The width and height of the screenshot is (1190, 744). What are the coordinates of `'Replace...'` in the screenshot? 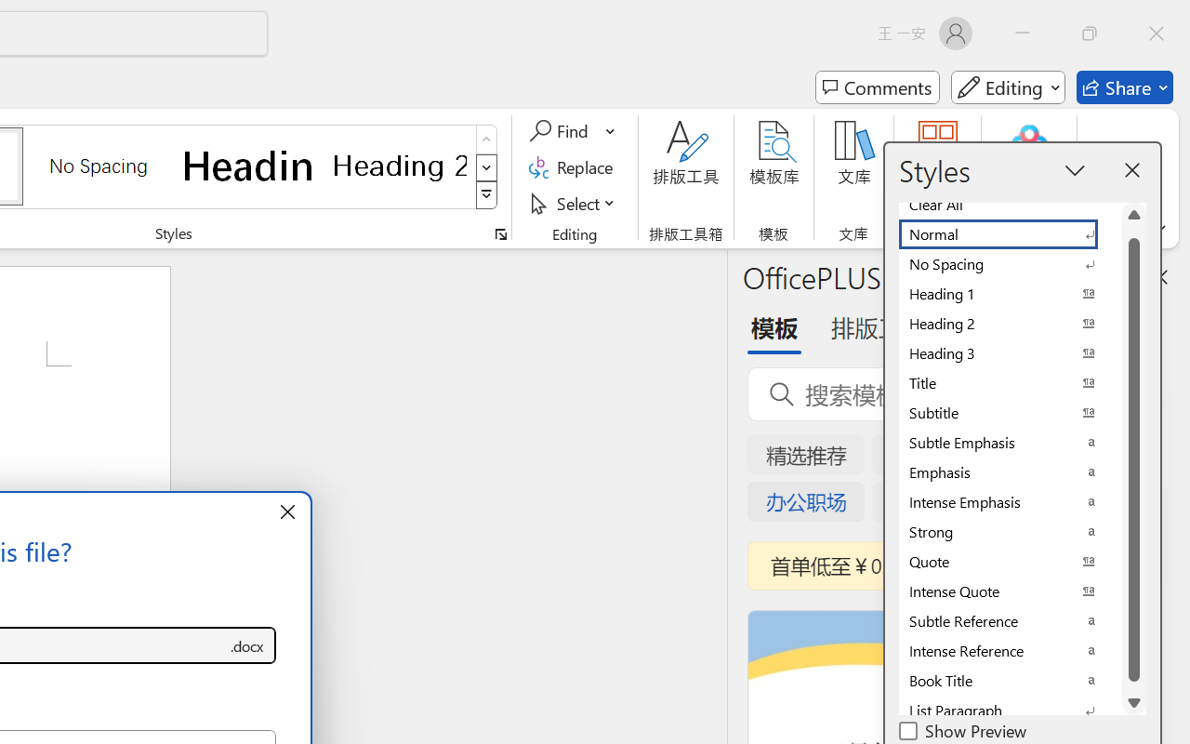 It's located at (573, 166).